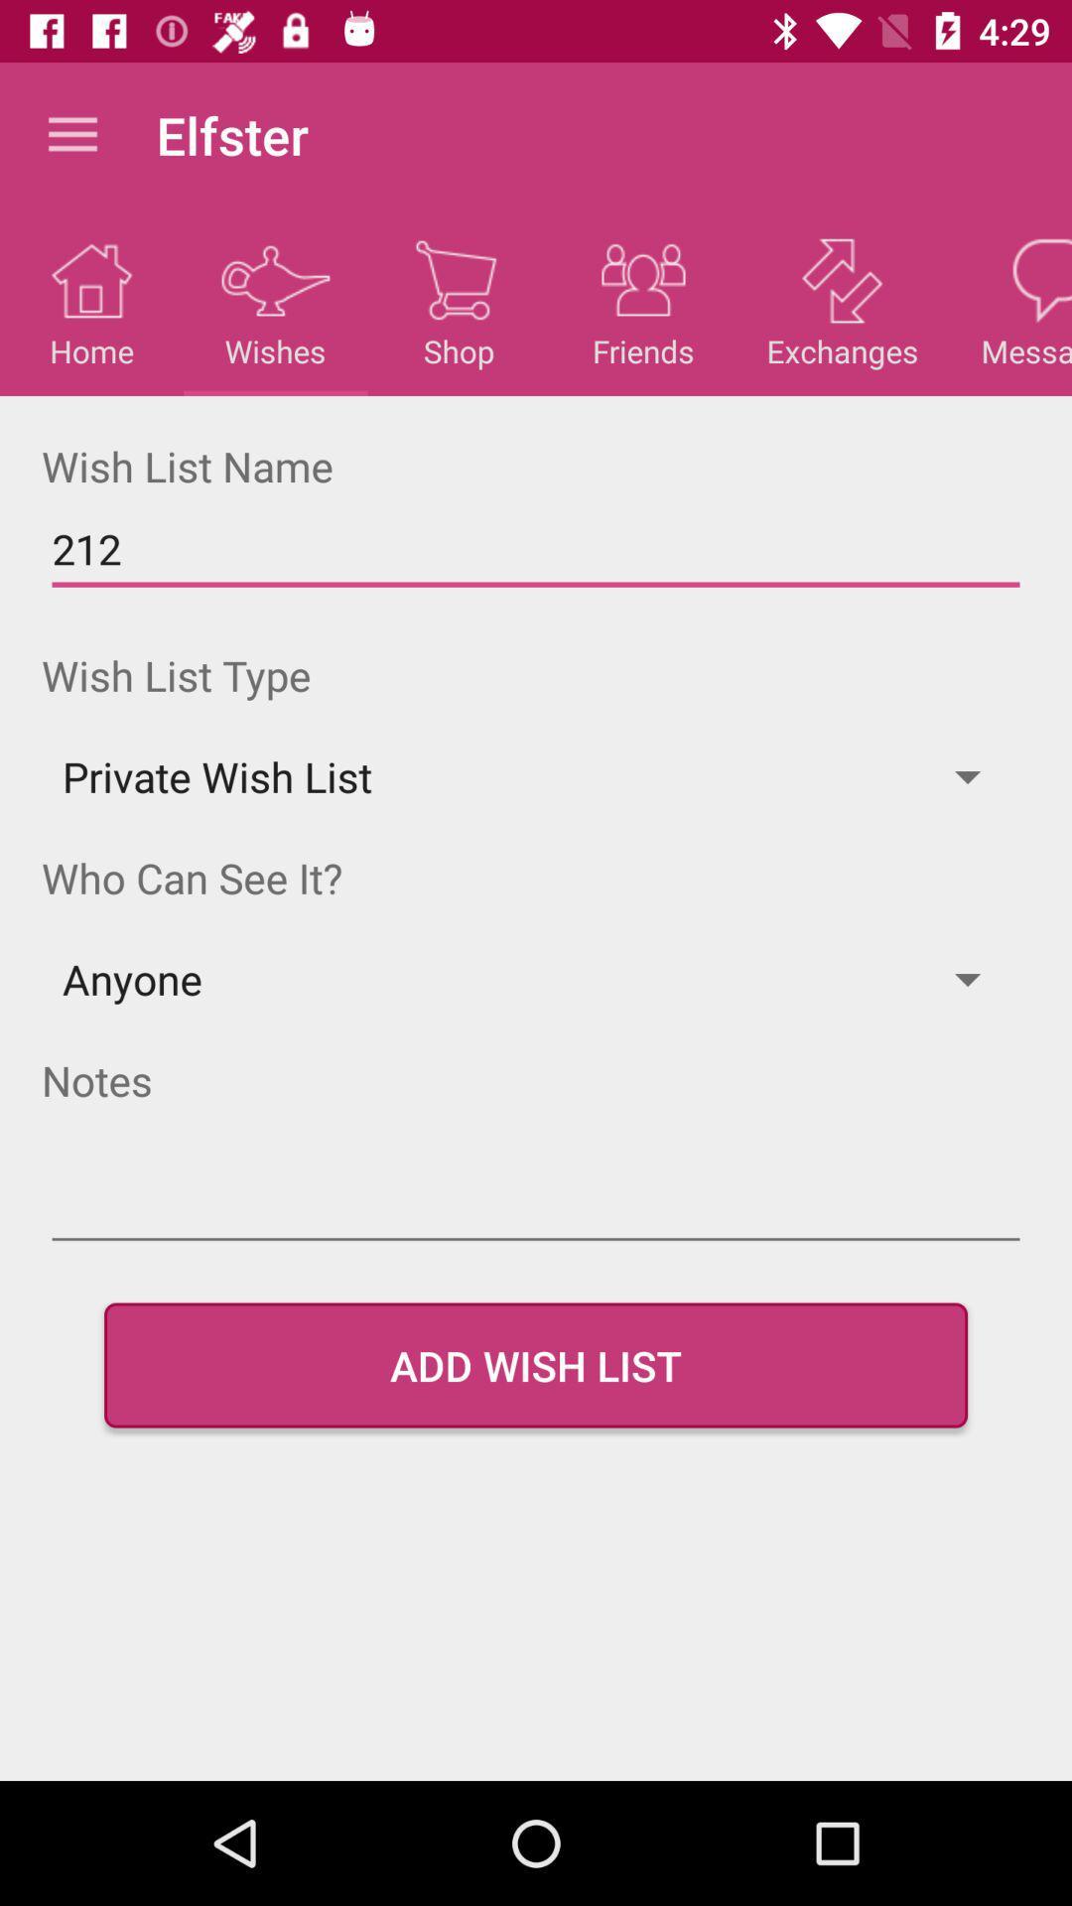 Image resolution: width=1072 pixels, height=1906 pixels. Describe the element at coordinates (71, 134) in the screenshot. I see `item above home icon` at that location.